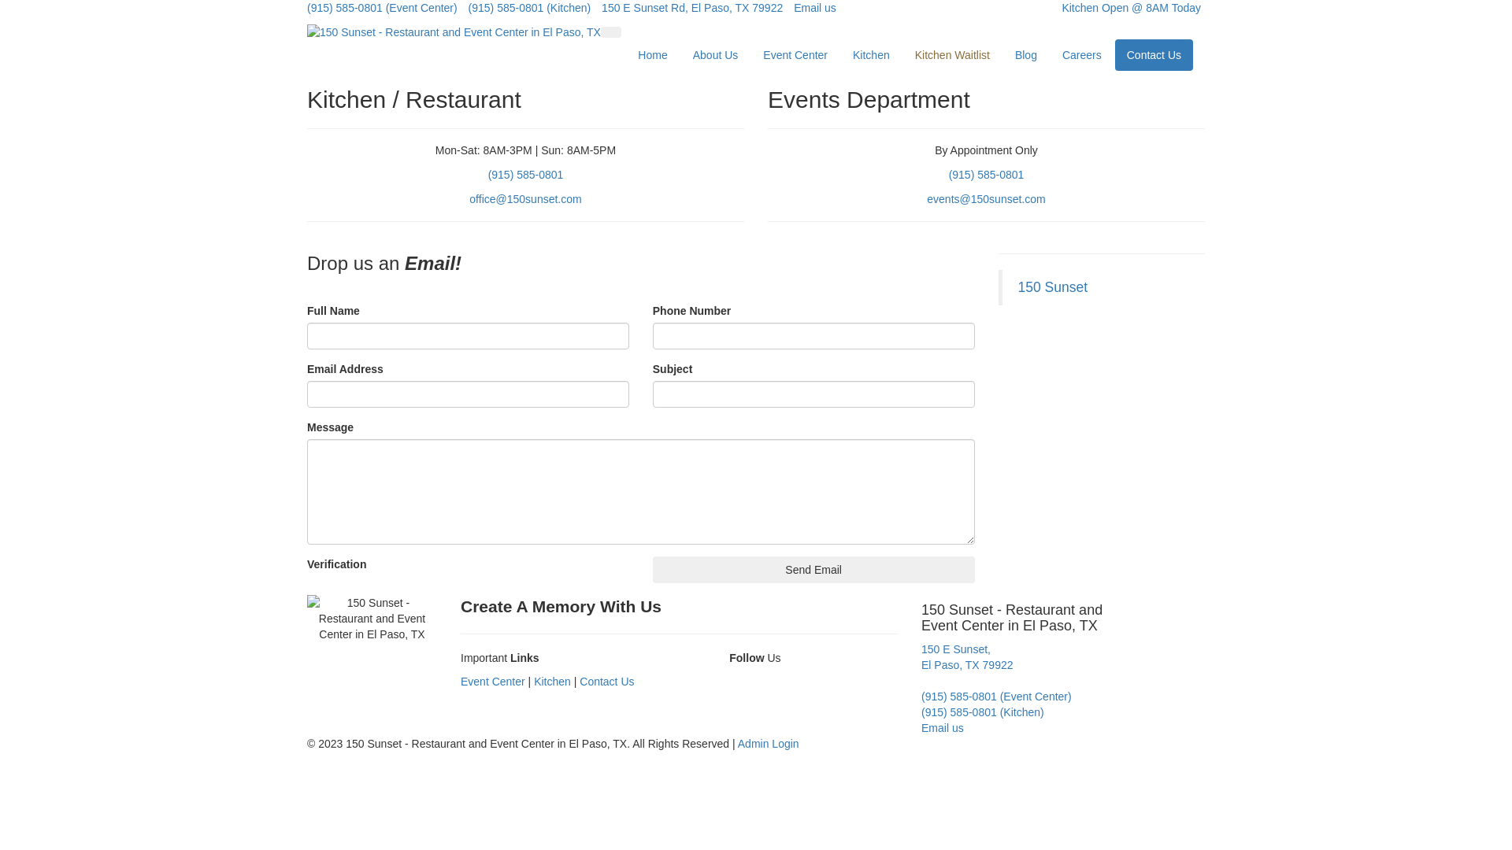 The width and height of the screenshot is (1512, 850). I want to click on 'Contact Us', so click(1154, 54).